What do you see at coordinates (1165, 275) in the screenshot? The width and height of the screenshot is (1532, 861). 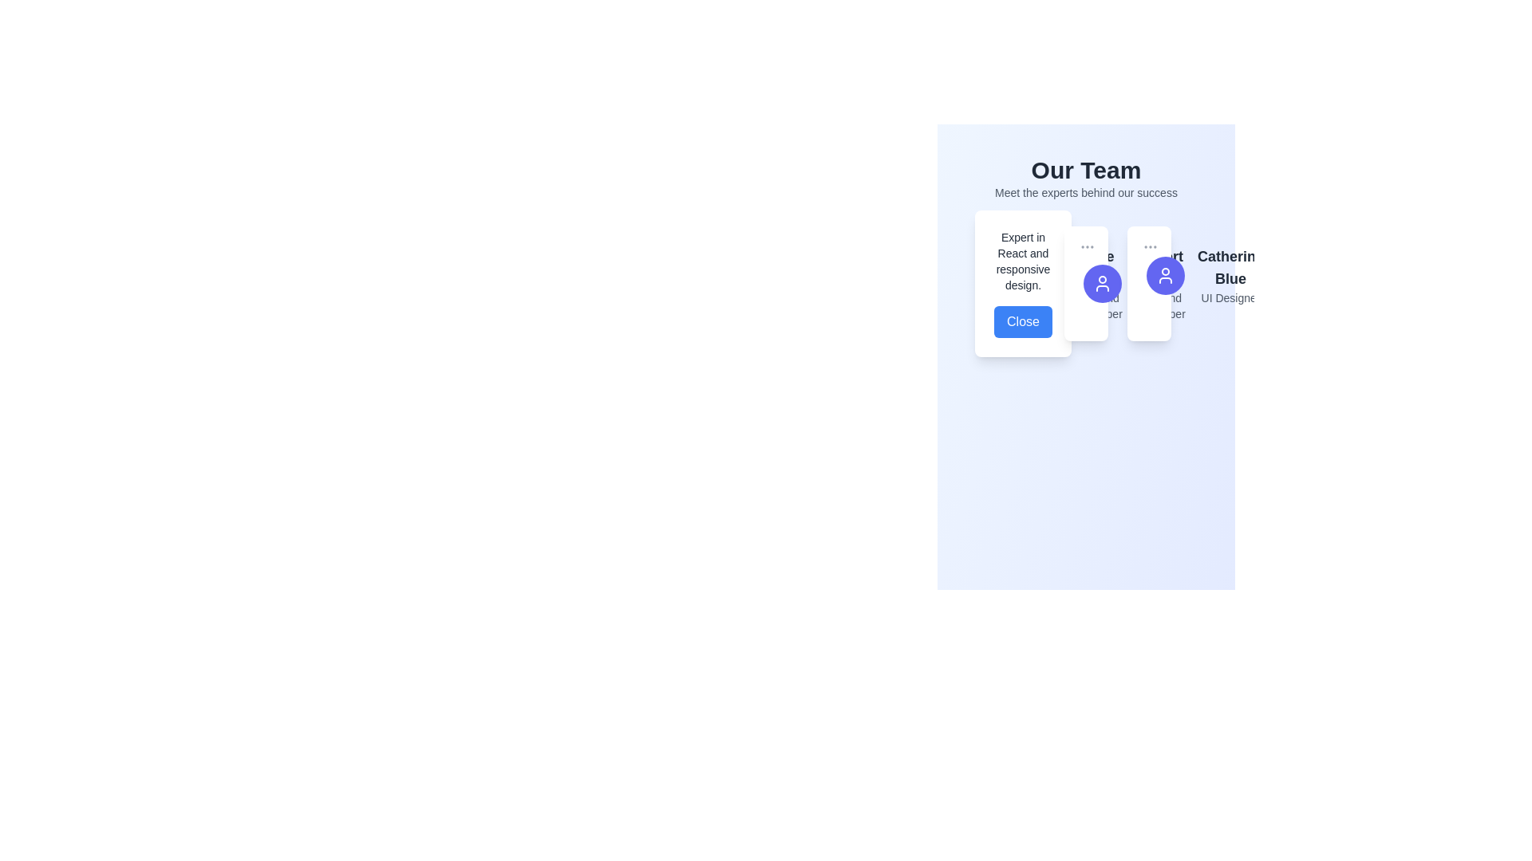 I see `the circular icon with a white outline of a user figure on a vibrant indigo background, located in the middle of a row of circular buttons on the right side of the interface` at bounding box center [1165, 275].